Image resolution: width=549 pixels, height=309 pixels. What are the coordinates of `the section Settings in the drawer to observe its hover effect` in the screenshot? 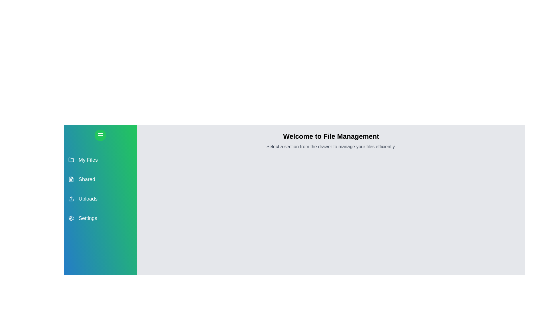 It's located at (100, 218).